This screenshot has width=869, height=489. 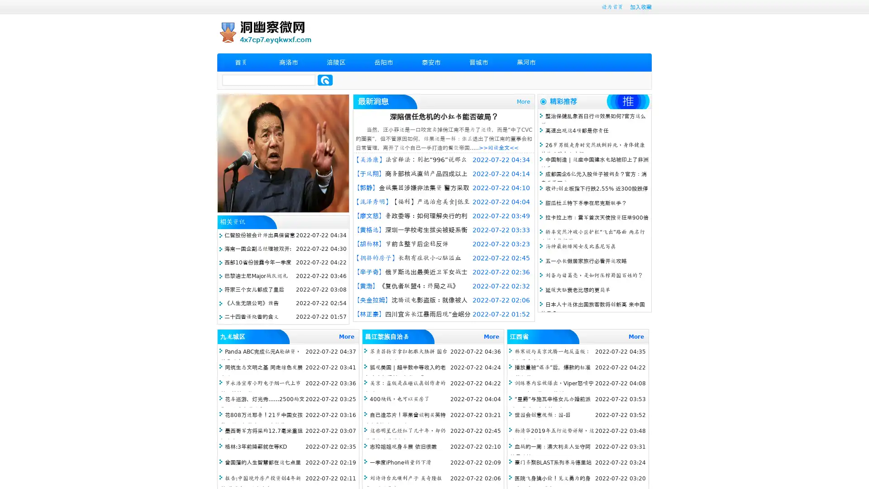 What do you see at coordinates (325, 80) in the screenshot?
I see `Search` at bounding box center [325, 80].